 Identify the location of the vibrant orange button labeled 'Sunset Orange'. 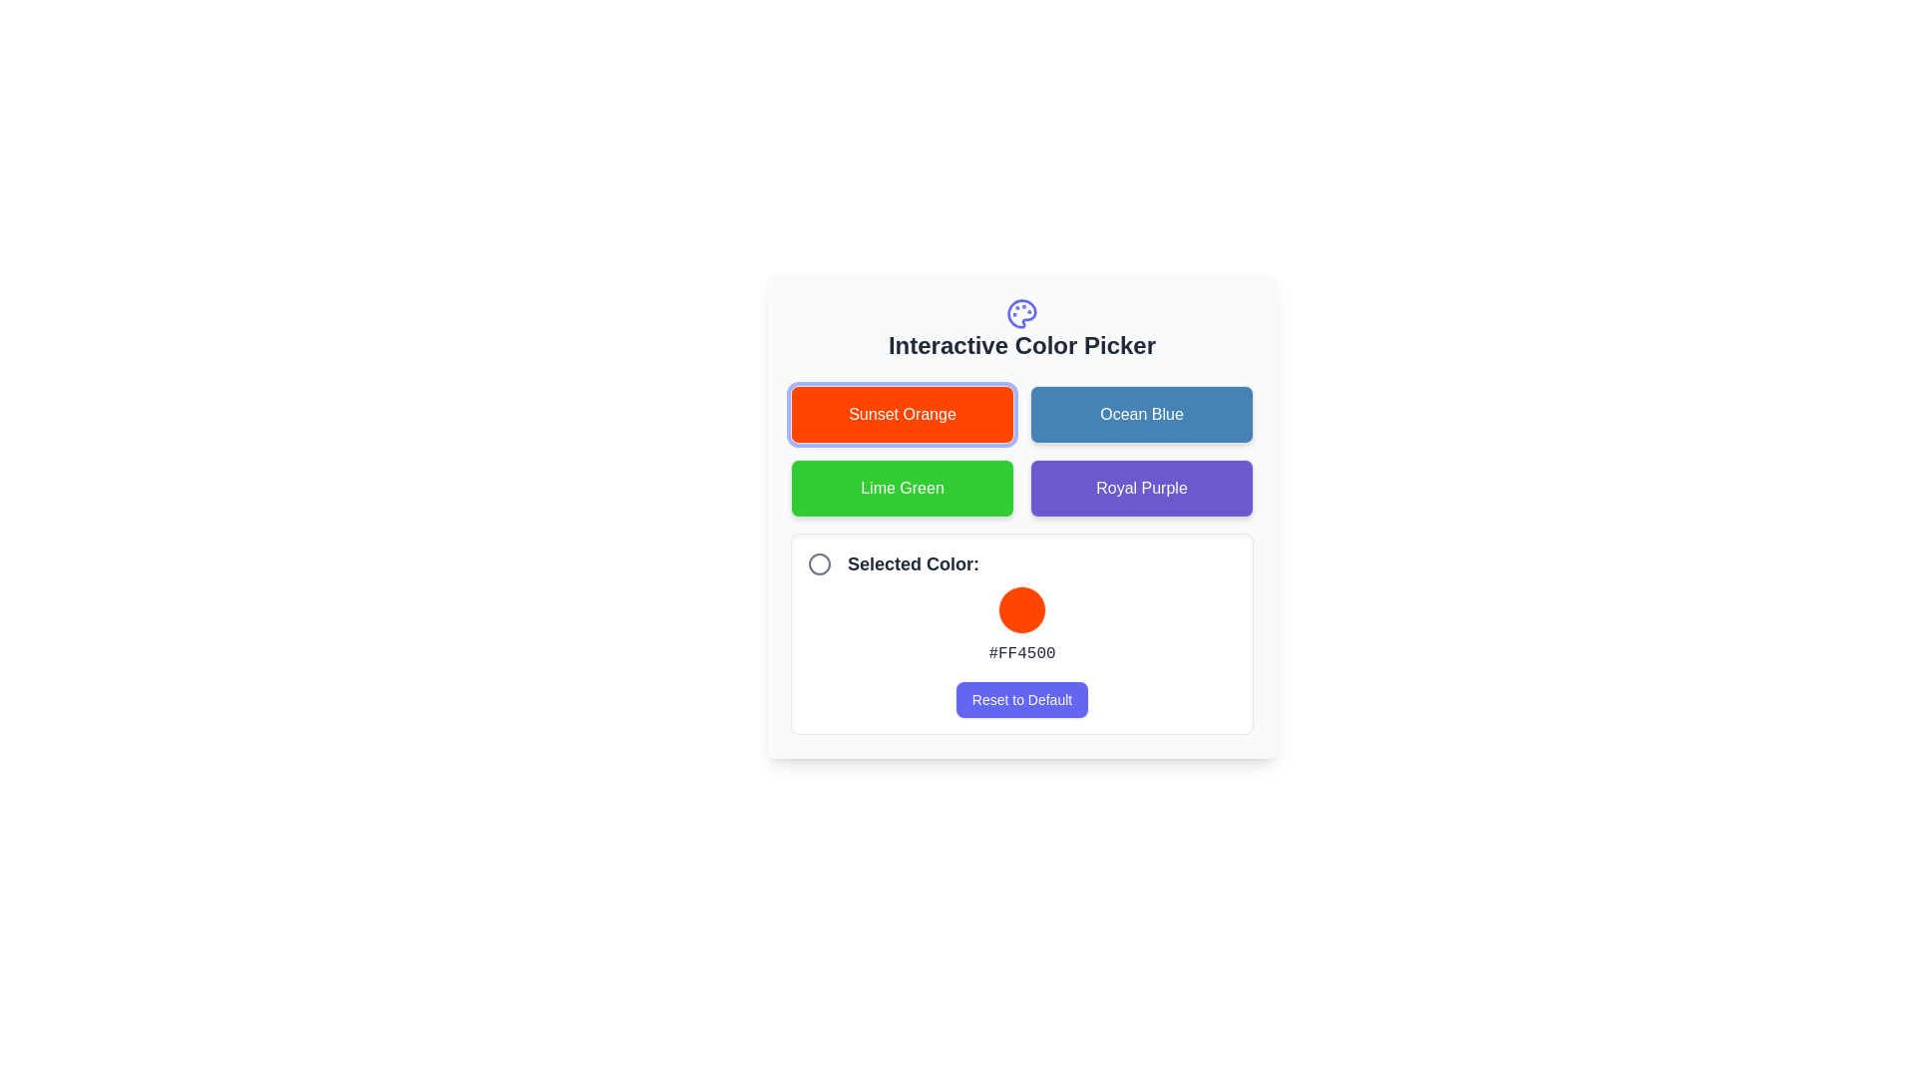
(902, 414).